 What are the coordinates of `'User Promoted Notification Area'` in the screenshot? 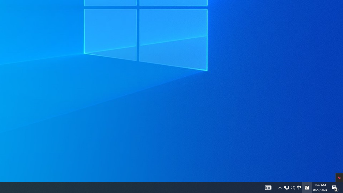 It's located at (280, 187).